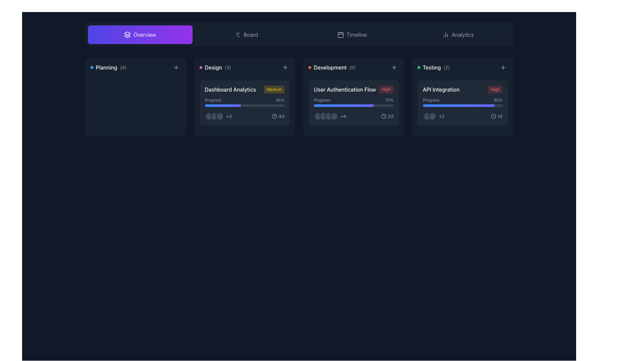  Describe the element at coordinates (285, 67) in the screenshot. I see `the plus icon button located in the top-right corner of the 'Design' section card` at that location.